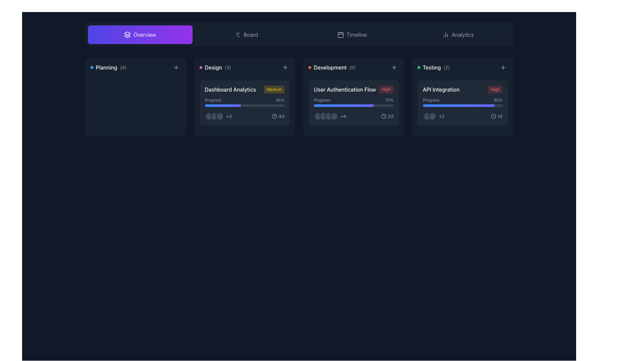  Describe the element at coordinates (285, 67) in the screenshot. I see `the plus icon button located in the top-right corner of the 'Design' section card` at that location.